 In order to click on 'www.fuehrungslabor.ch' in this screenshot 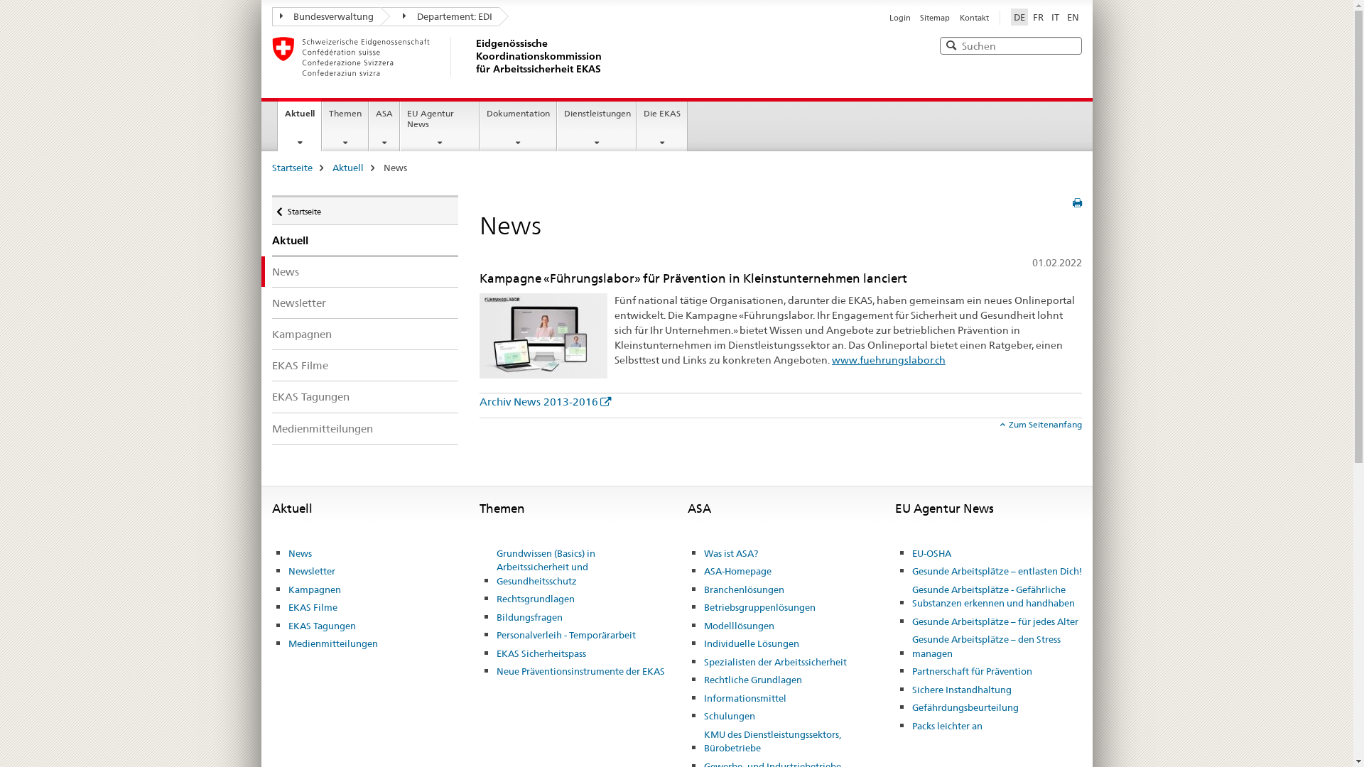, I will do `click(832, 359)`.